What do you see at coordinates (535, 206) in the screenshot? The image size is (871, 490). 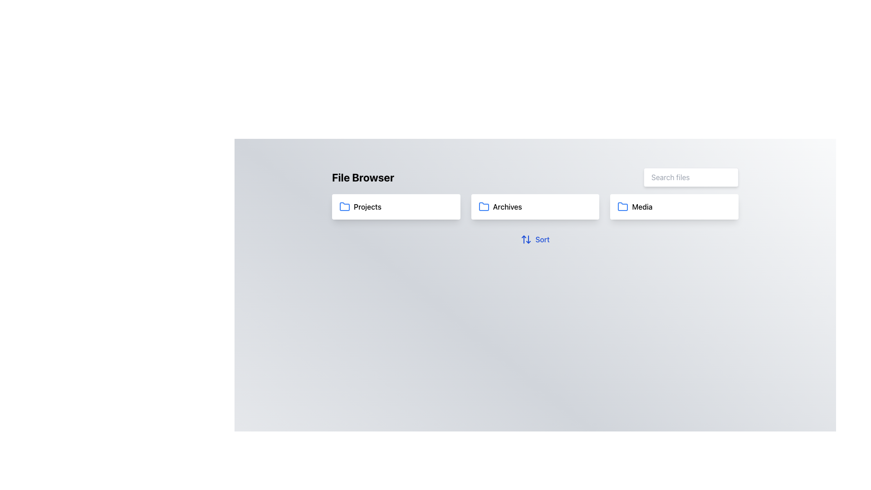 I see `the navigational list item labeled 'Archives'` at bounding box center [535, 206].